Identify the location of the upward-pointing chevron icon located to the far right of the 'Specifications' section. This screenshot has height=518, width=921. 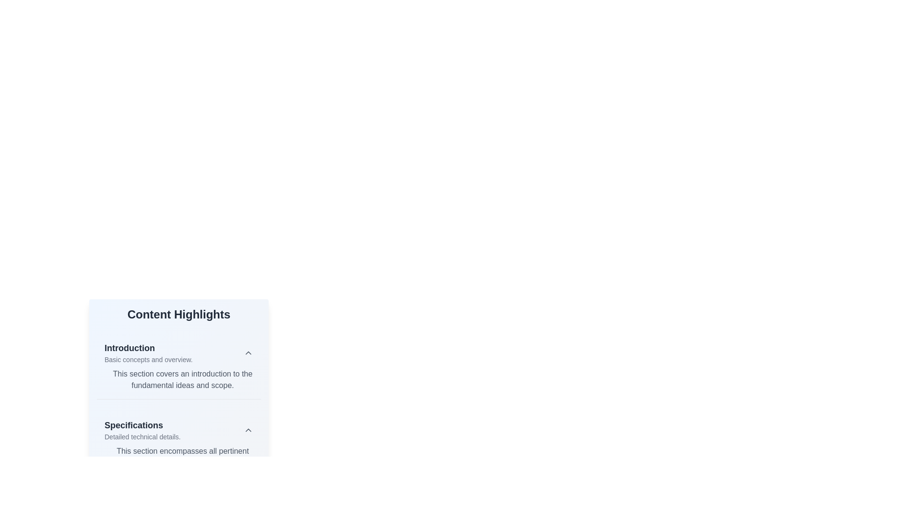
(248, 430).